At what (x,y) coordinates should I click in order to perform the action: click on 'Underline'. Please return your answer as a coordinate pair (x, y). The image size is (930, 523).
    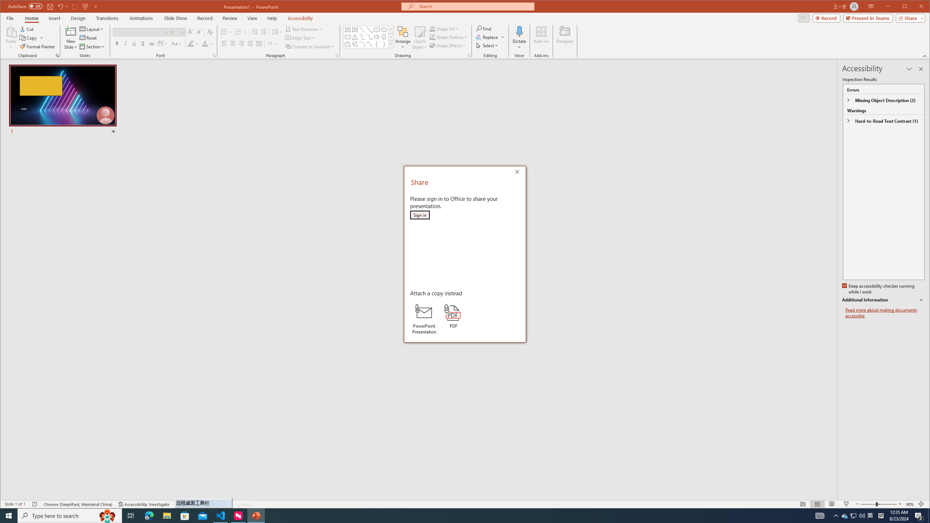
    Looking at the image, I should click on (134, 43).